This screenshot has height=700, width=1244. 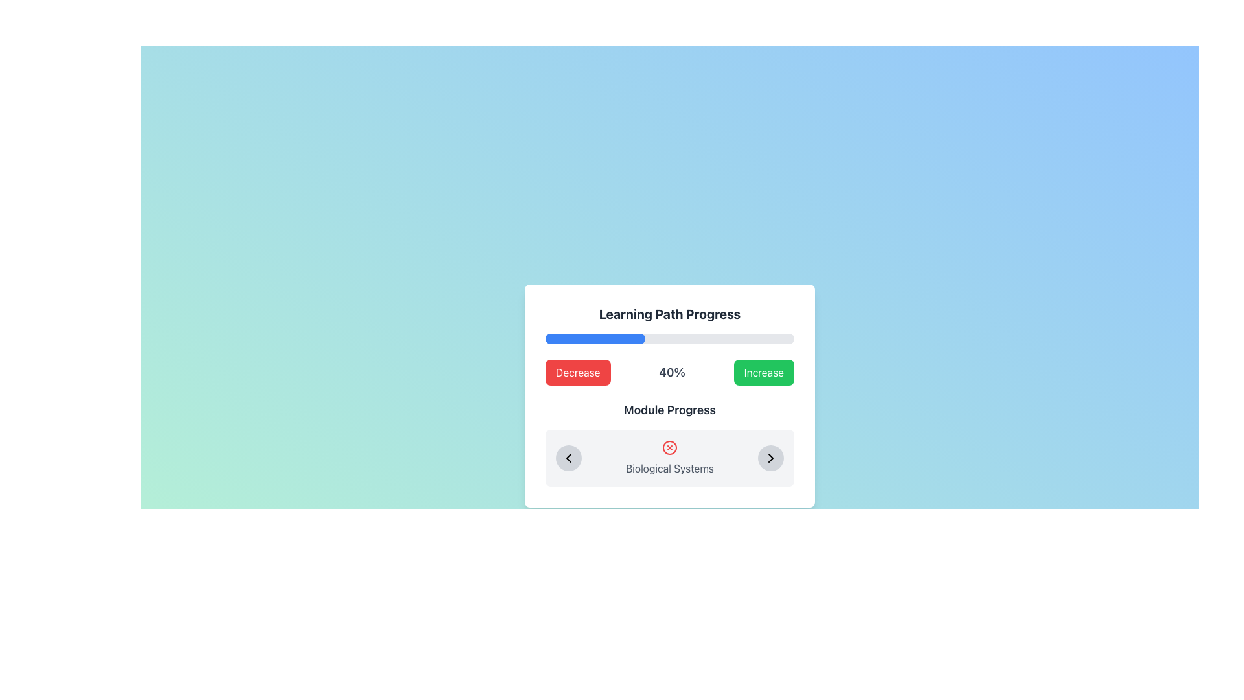 What do you see at coordinates (727, 338) in the screenshot?
I see `progress` at bounding box center [727, 338].